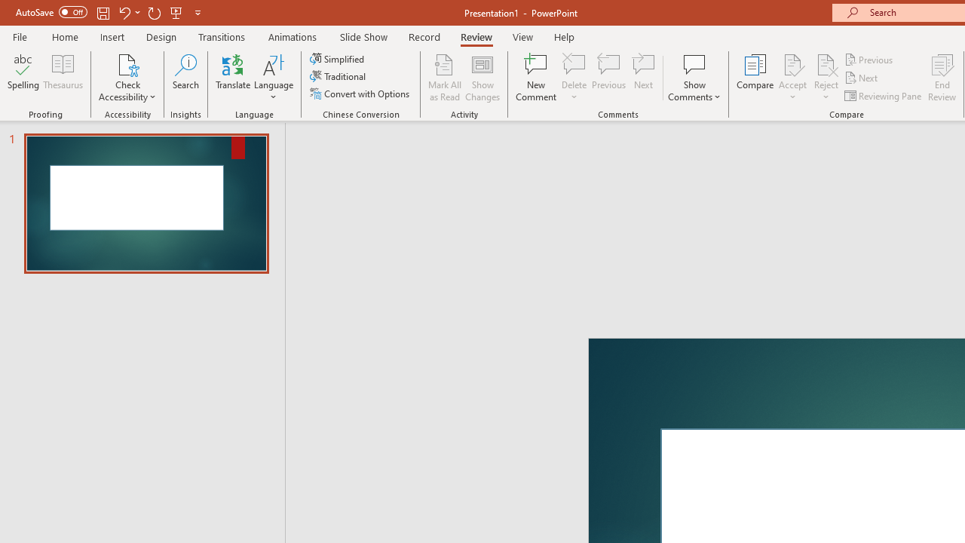  Describe the element at coordinates (338, 76) in the screenshot. I see `'Traditional'` at that location.